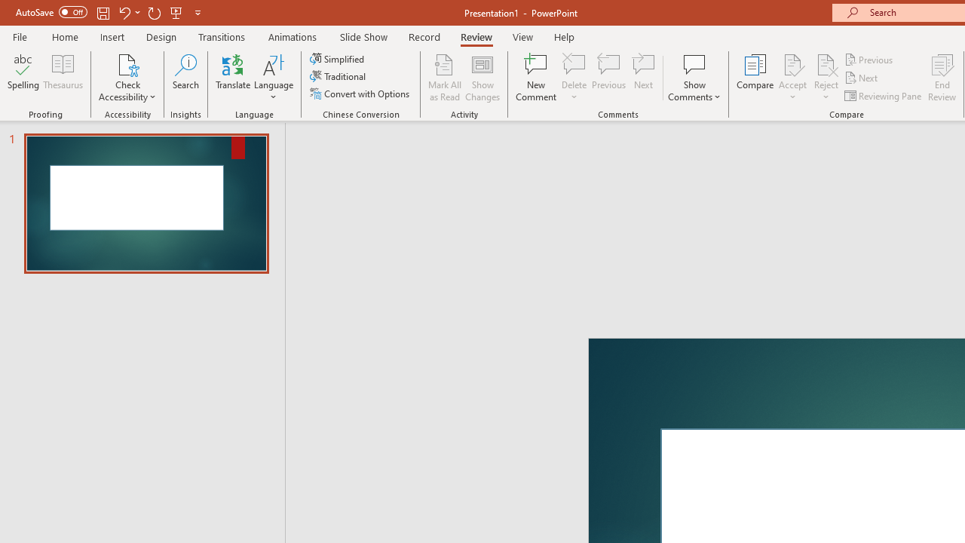  Describe the element at coordinates (338, 76) in the screenshot. I see `'Traditional'` at that location.